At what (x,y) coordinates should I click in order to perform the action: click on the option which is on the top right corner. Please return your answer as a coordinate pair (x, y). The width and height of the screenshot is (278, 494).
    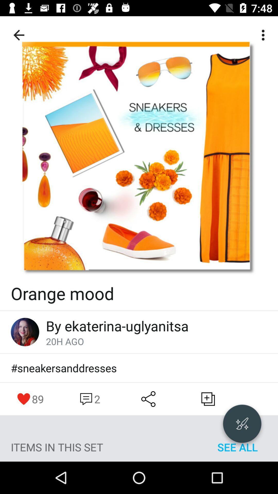
    Looking at the image, I should click on (264, 35).